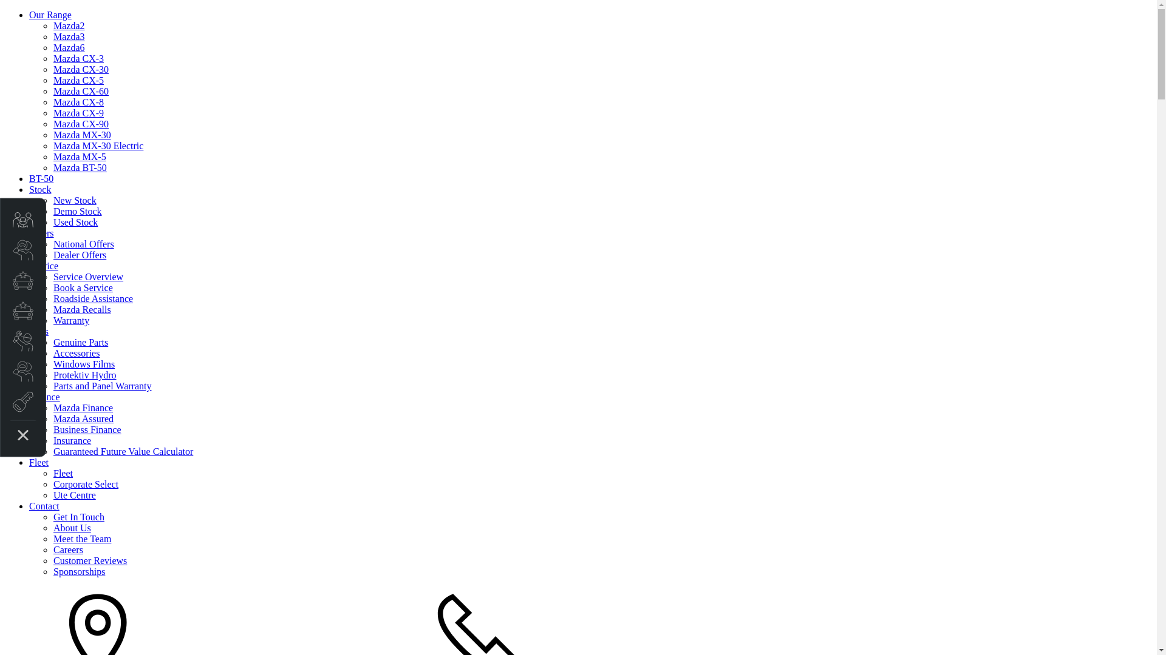 The width and height of the screenshot is (1166, 655). What do you see at coordinates (80, 69) in the screenshot?
I see `'Mazda CX-30'` at bounding box center [80, 69].